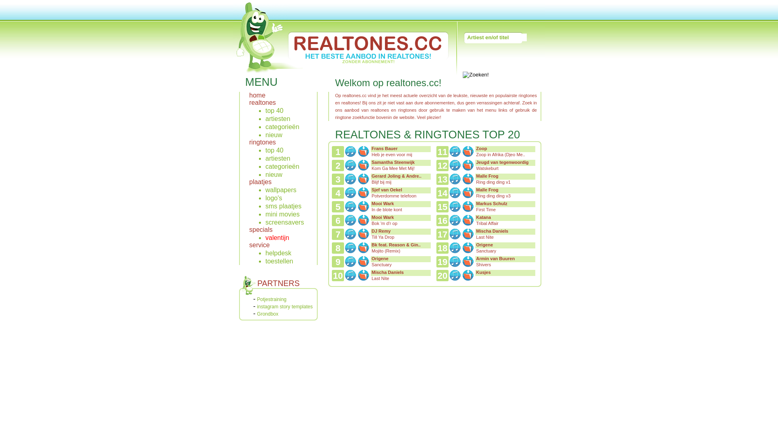  I want to click on 'Mojito (Remix)', so click(385, 250).